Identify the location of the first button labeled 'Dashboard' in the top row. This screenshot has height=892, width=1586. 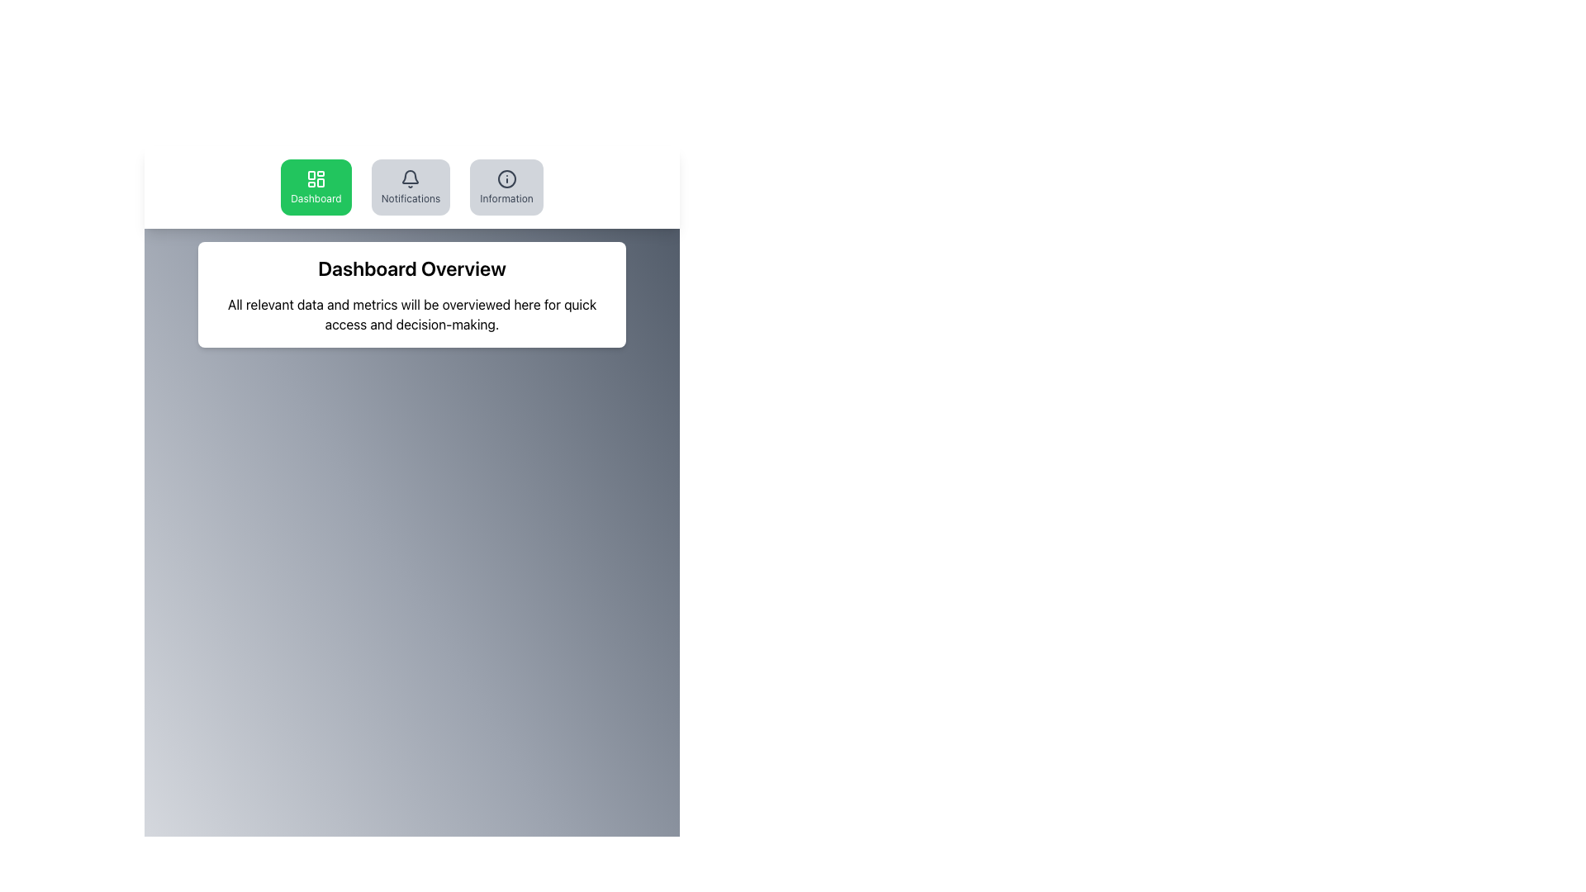
(316, 187).